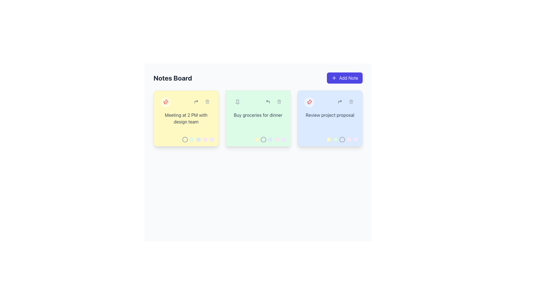  I want to click on the trash can icon button in the top-right corner of the 'Review project proposal' card, so click(351, 102).